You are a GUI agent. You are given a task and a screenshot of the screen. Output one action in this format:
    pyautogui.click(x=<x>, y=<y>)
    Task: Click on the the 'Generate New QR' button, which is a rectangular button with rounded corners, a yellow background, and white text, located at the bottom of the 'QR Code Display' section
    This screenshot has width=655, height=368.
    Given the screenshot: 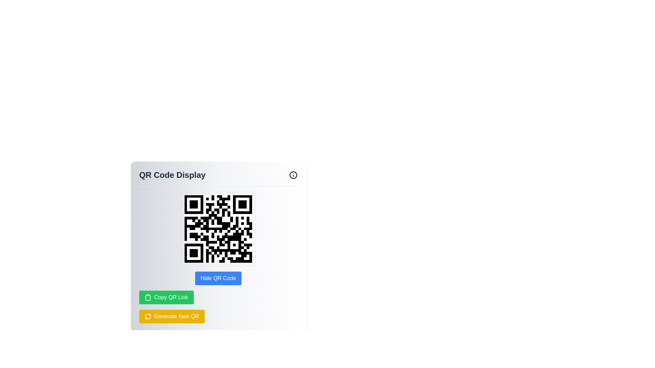 What is the action you would take?
    pyautogui.click(x=172, y=317)
    